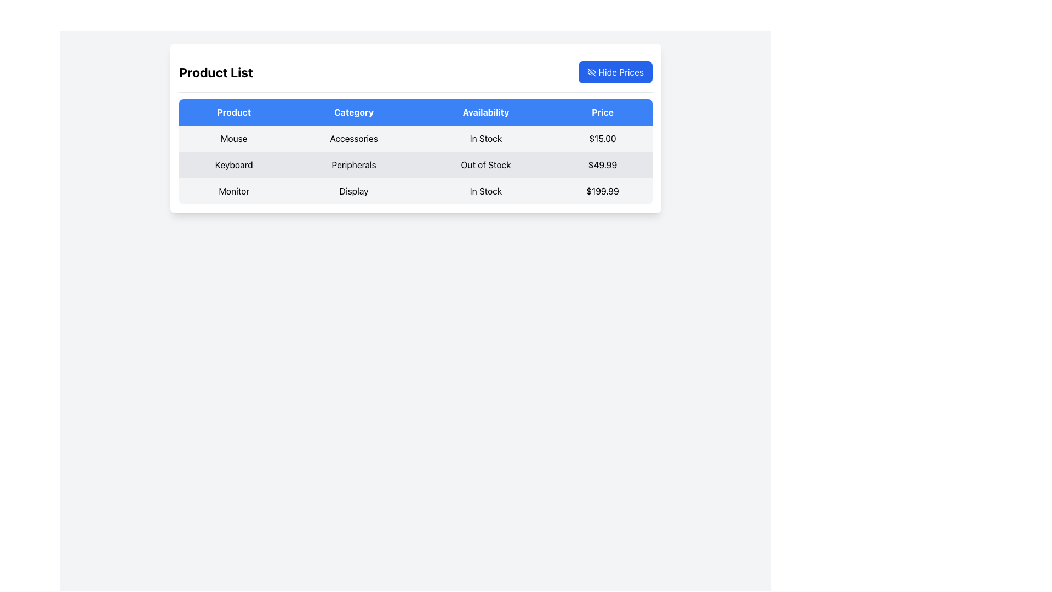 This screenshot has height=592, width=1052. What do you see at coordinates (602, 112) in the screenshot?
I see `the 'Price' text label in the table header to emphasize it, which is displayed in white on a blue background as the last column of the header row` at bounding box center [602, 112].